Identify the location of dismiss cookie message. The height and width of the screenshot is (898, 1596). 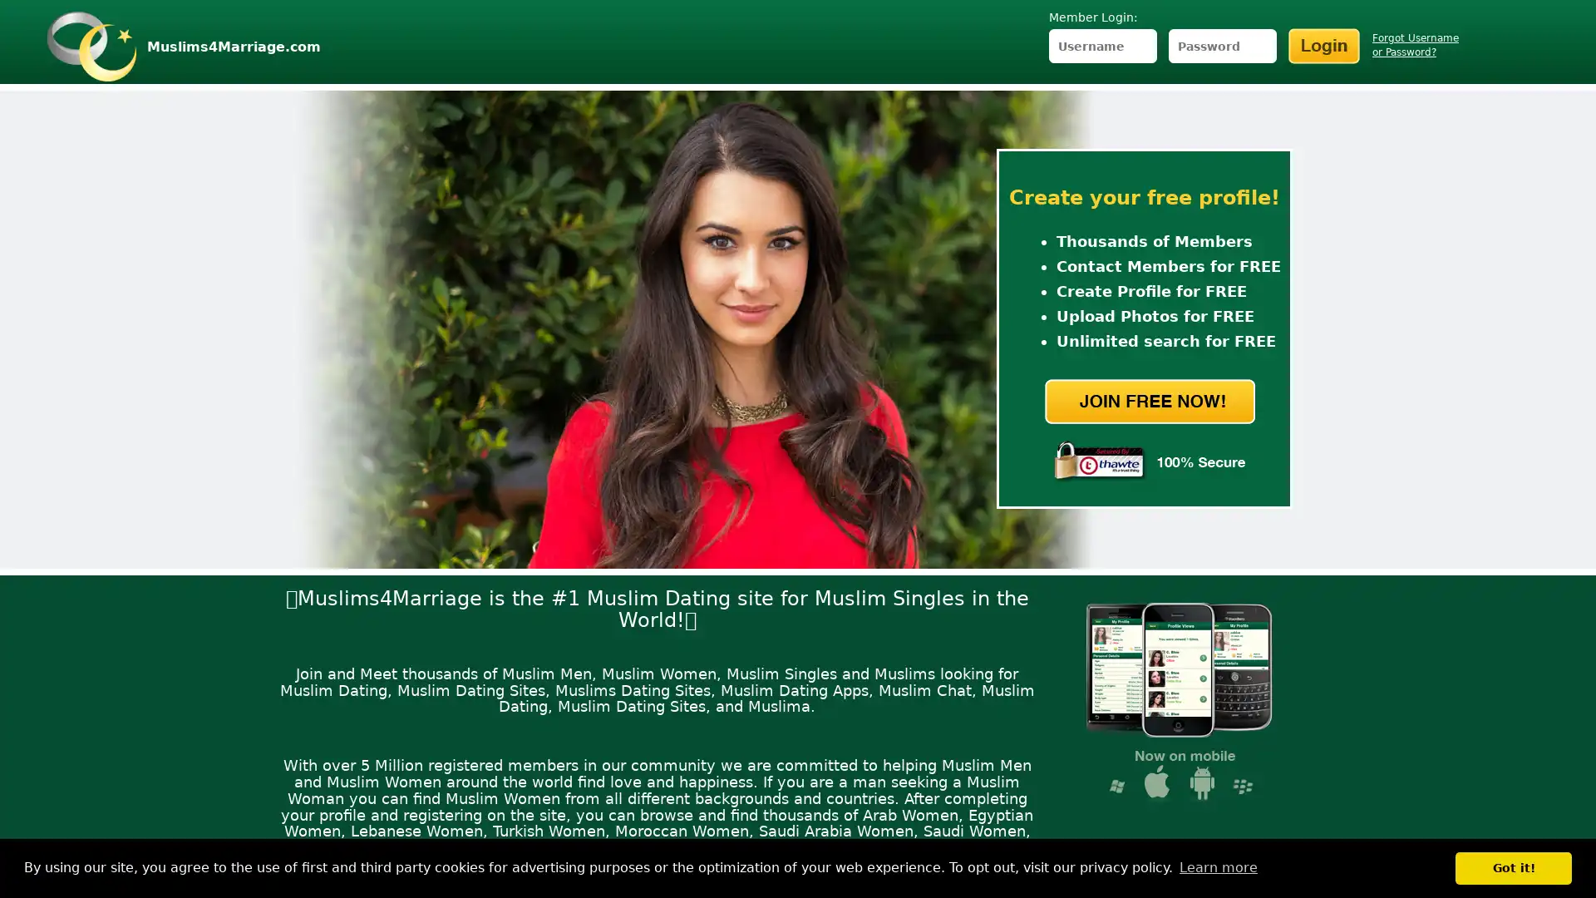
(1513, 867).